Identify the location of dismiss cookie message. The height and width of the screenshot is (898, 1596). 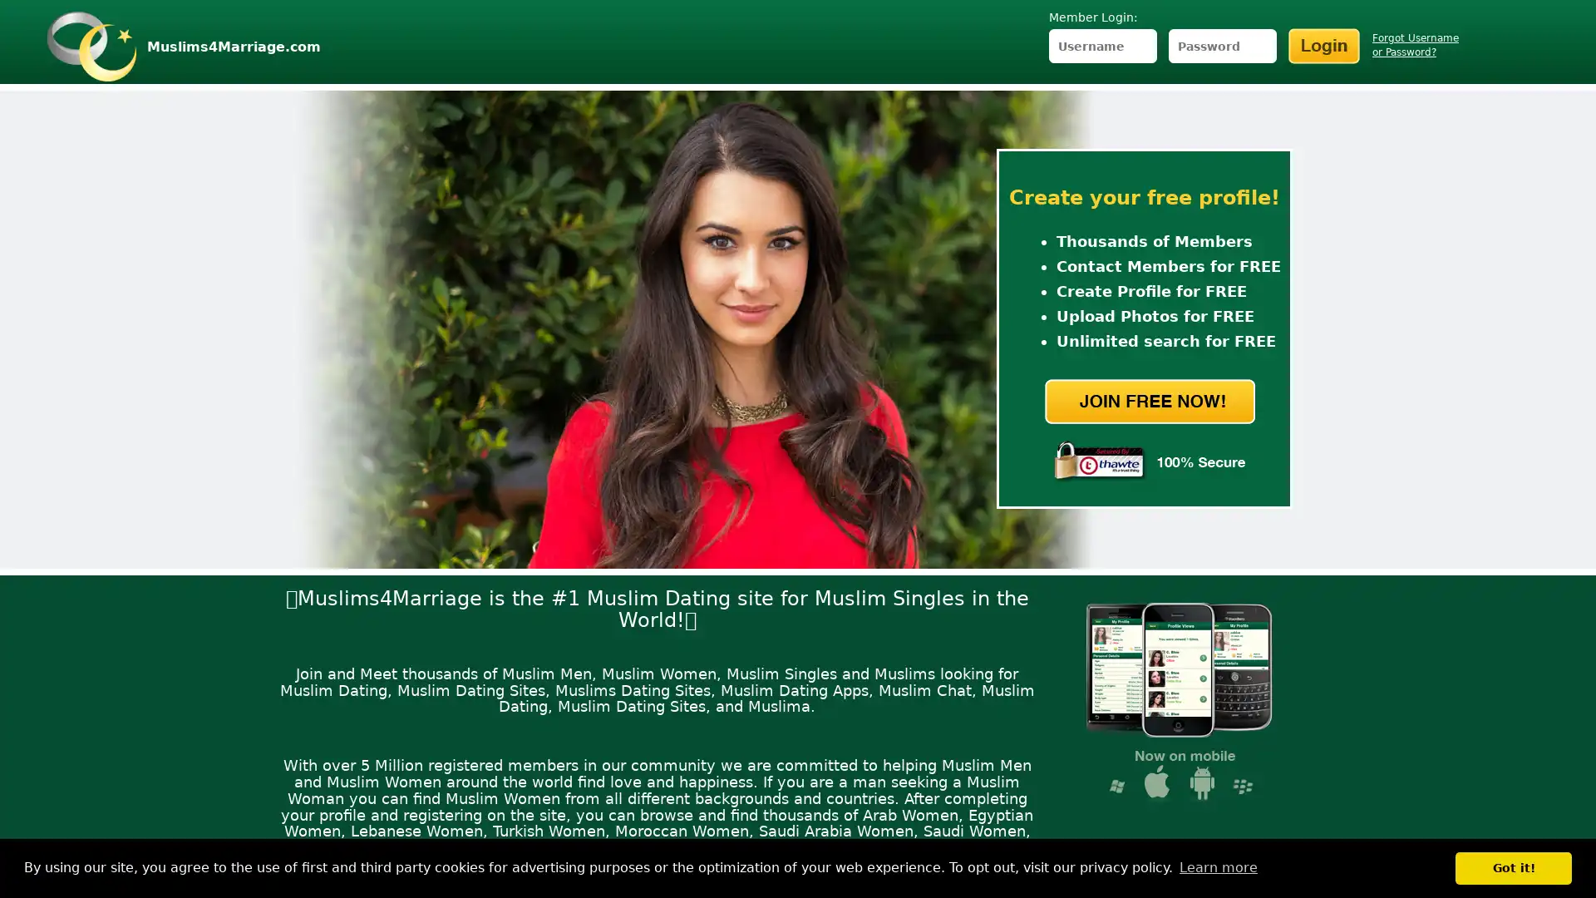
(1513, 867).